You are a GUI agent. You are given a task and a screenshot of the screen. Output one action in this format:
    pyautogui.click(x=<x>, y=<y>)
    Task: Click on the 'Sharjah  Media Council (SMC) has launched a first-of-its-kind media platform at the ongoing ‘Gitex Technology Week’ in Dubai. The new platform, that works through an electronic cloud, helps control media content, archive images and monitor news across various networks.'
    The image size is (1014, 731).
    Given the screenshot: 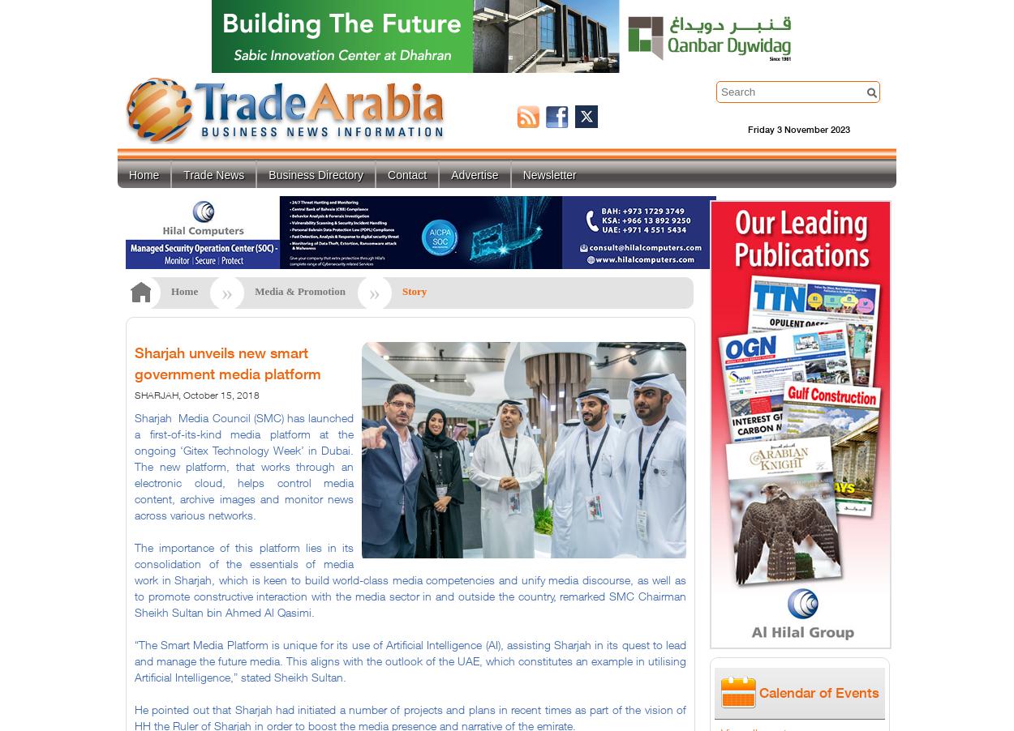 What is the action you would take?
    pyautogui.click(x=244, y=466)
    